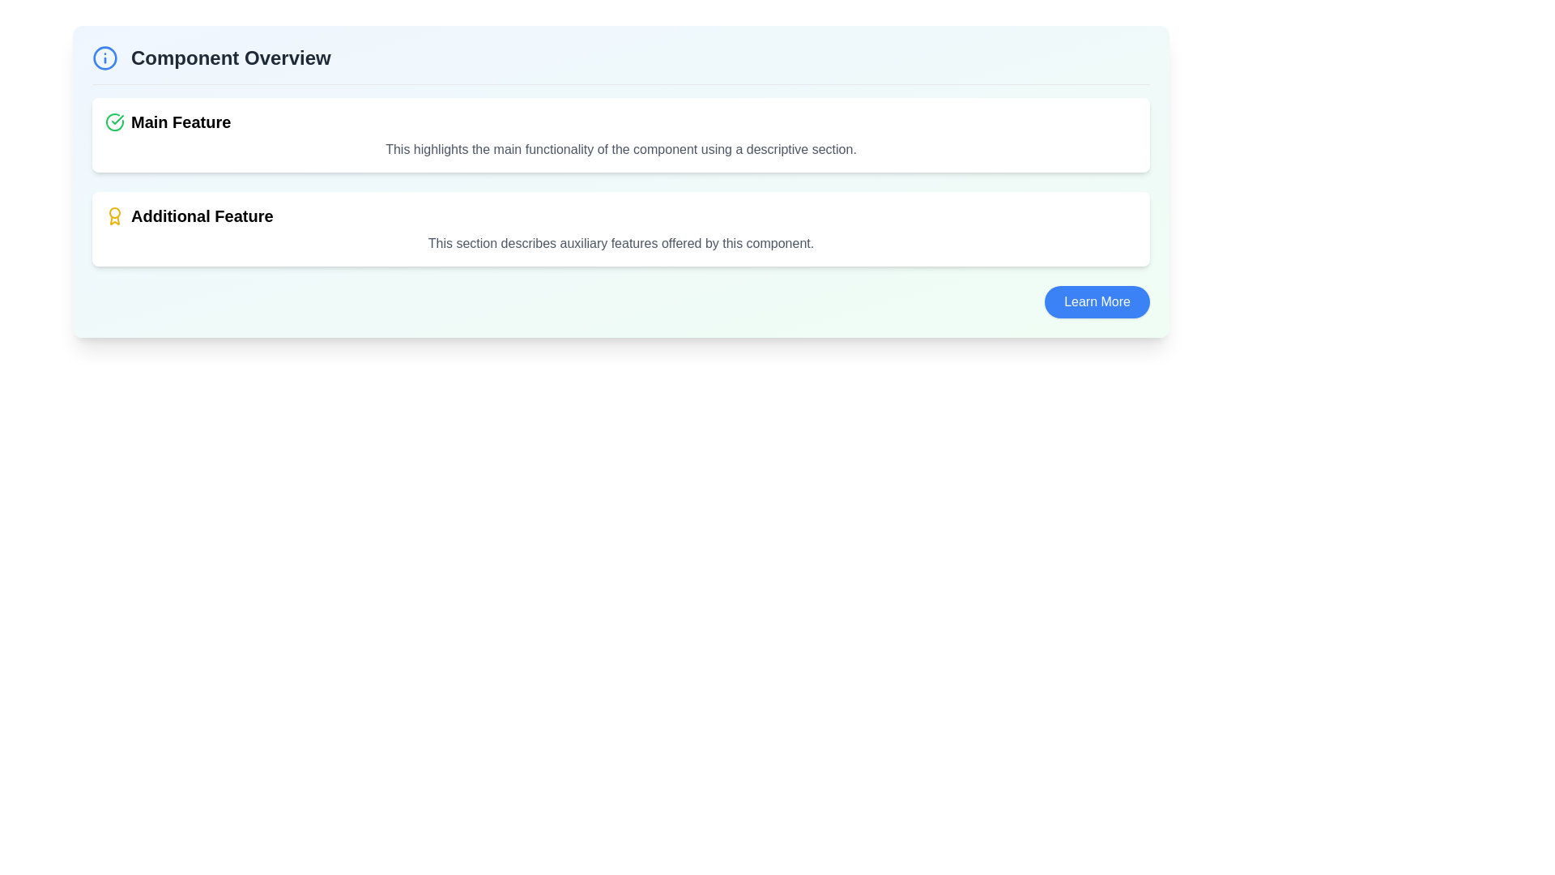 The width and height of the screenshot is (1555, 875). I want to click on the SVG circle element that represents the graphical part of the info icon located in the top-left area of the Component Overview section, so click(104, 58).